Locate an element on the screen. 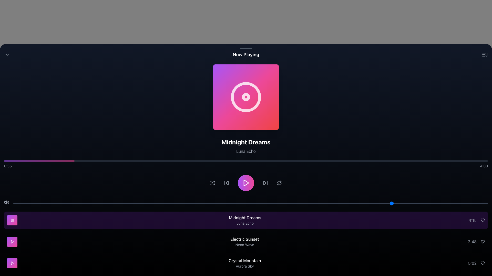  the heart-shaped button on the right side of the row displaying 'Crystal Mountain' and 'Aurora Sky' is located at coordinates (482, 263).